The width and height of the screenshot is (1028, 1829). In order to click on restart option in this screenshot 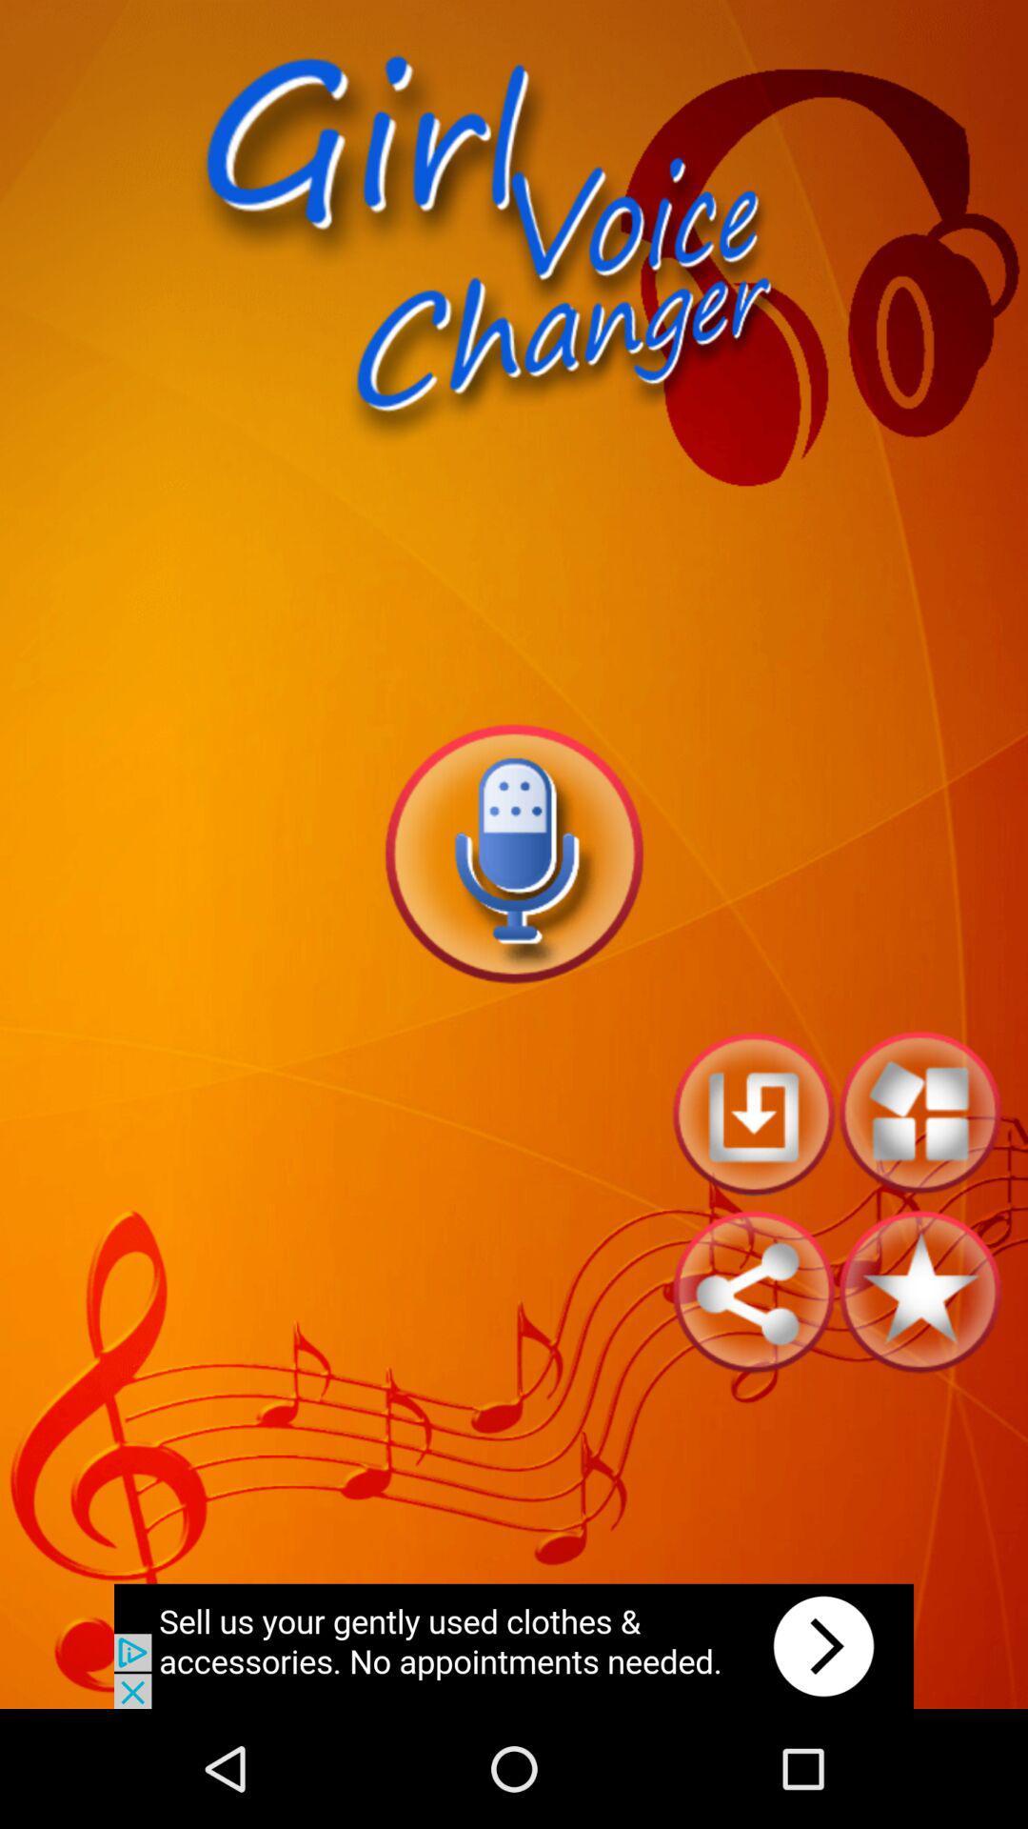, I will do `click(752, 1113)`.